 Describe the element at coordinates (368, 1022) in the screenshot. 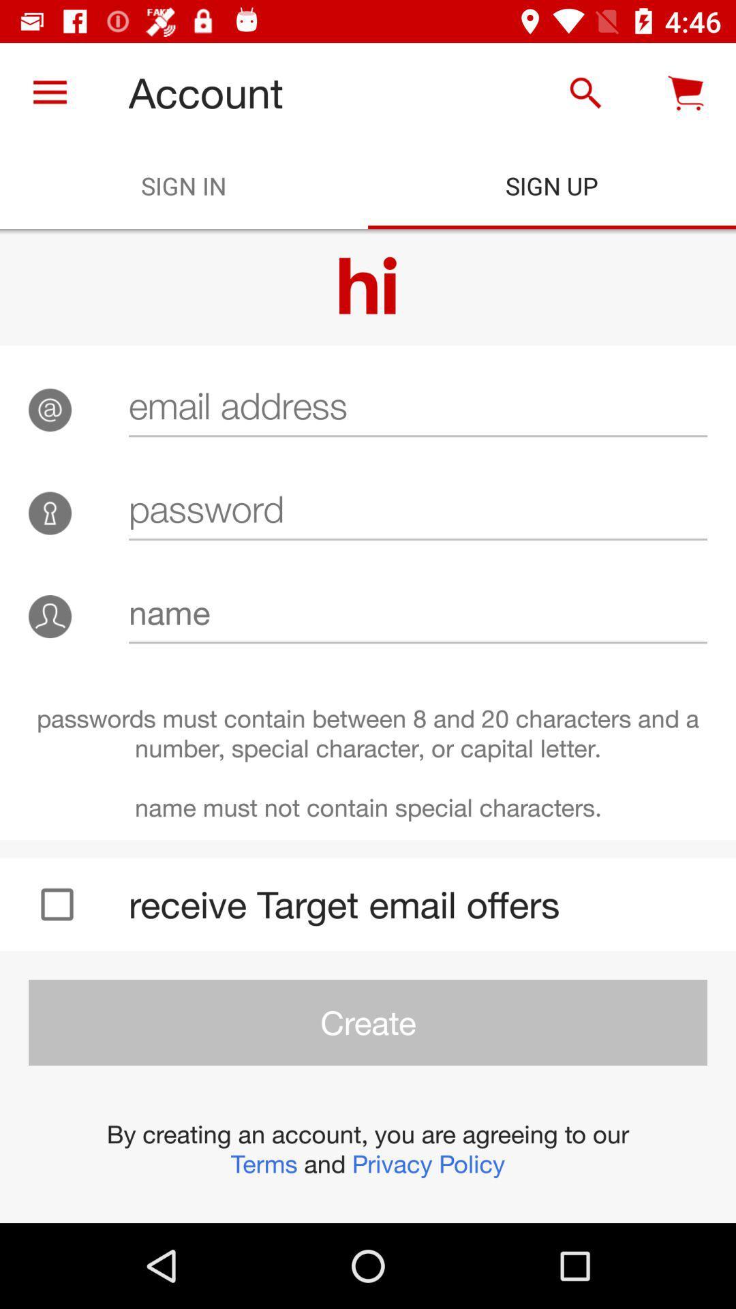

I see `the create item` at that location.